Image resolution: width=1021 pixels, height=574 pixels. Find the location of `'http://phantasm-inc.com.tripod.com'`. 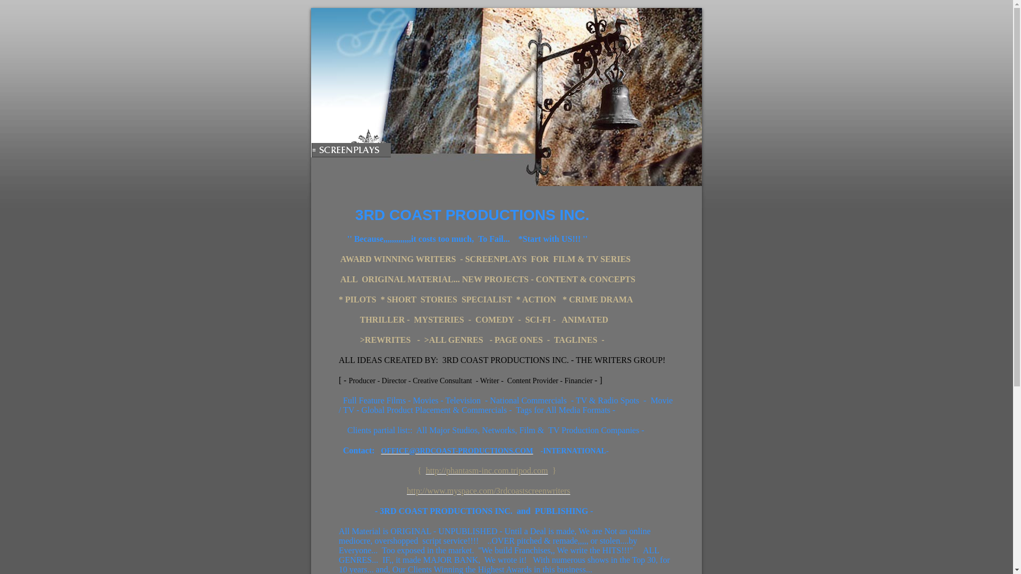

'http://phantasm-inc.com.tripod.com' is located at coordinates (426, 470).